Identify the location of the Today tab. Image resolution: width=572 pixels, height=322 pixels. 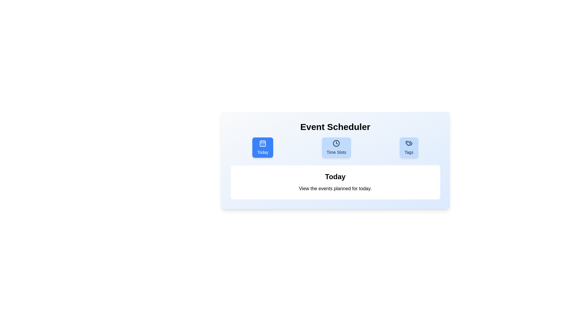
(262, 147).